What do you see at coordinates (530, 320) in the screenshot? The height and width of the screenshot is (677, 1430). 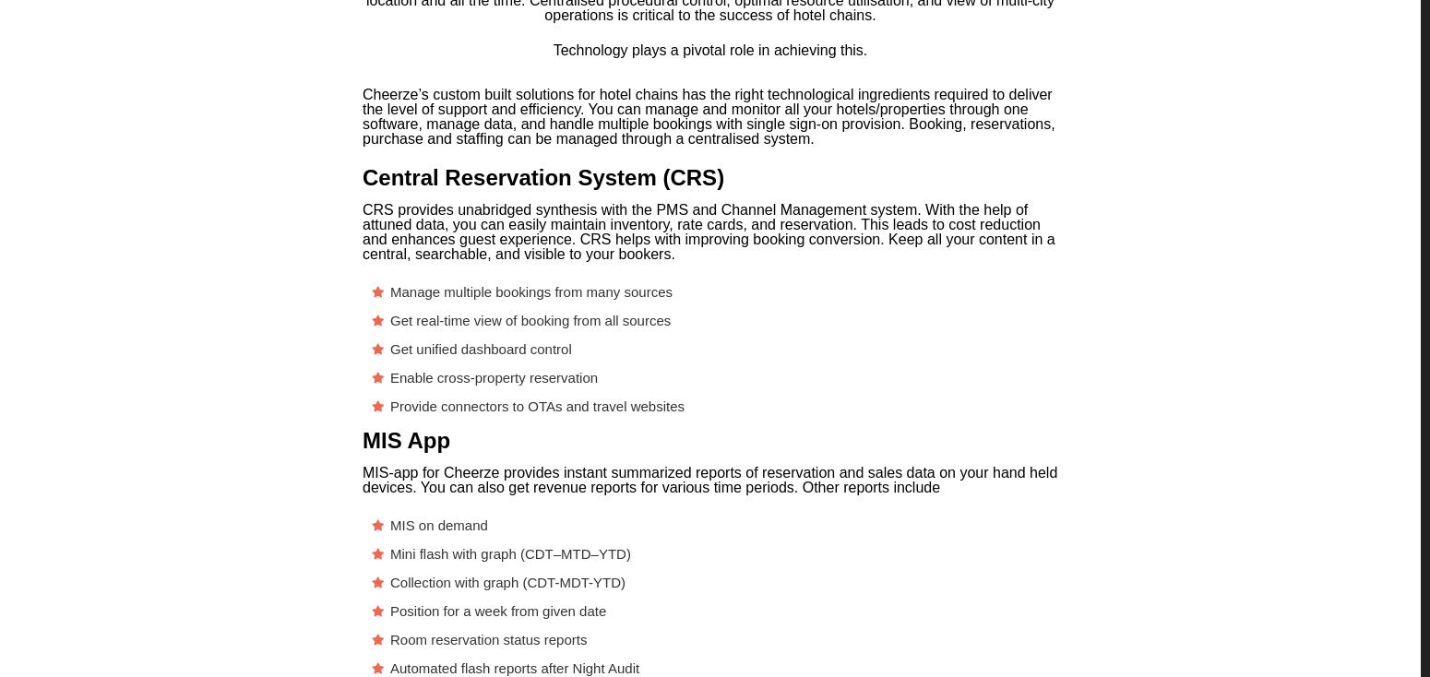 I see `'Get real-time view of booking from all sources'` at bounding box center [530, 320].